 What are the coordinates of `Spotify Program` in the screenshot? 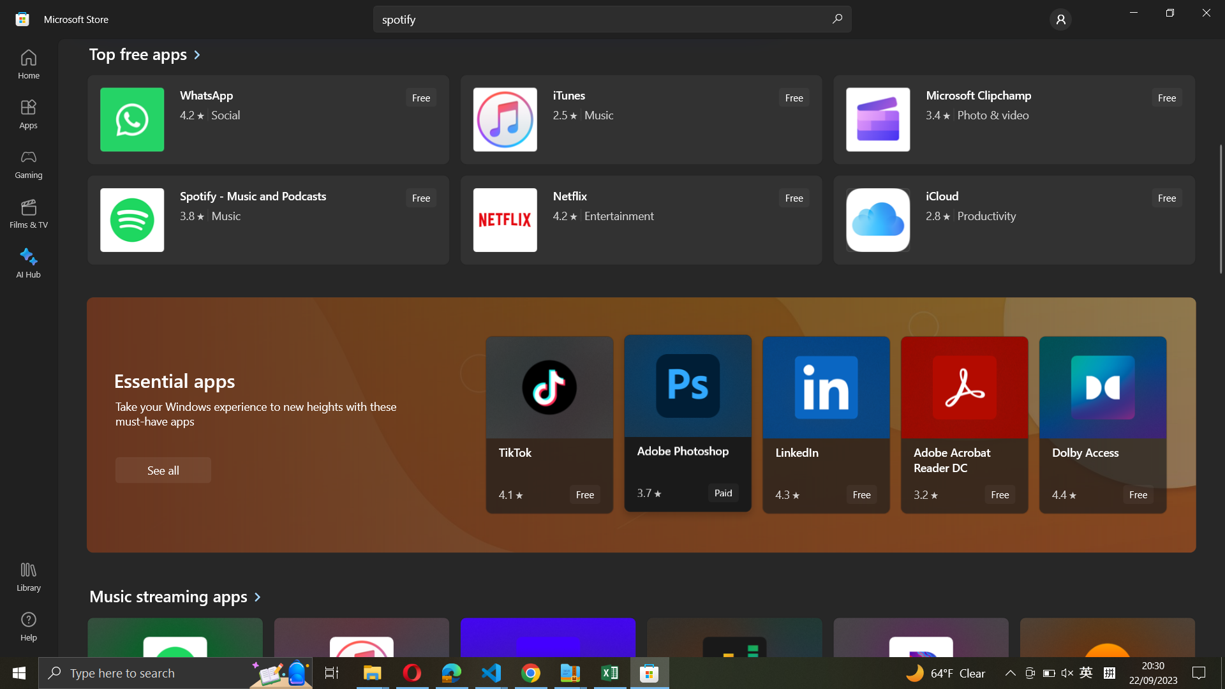 It's located at (265, 218).